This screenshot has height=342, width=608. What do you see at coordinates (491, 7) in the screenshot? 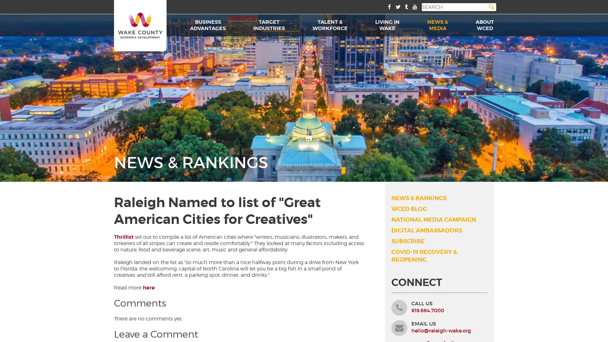
I see `Search` at bounding box center [491, 7].